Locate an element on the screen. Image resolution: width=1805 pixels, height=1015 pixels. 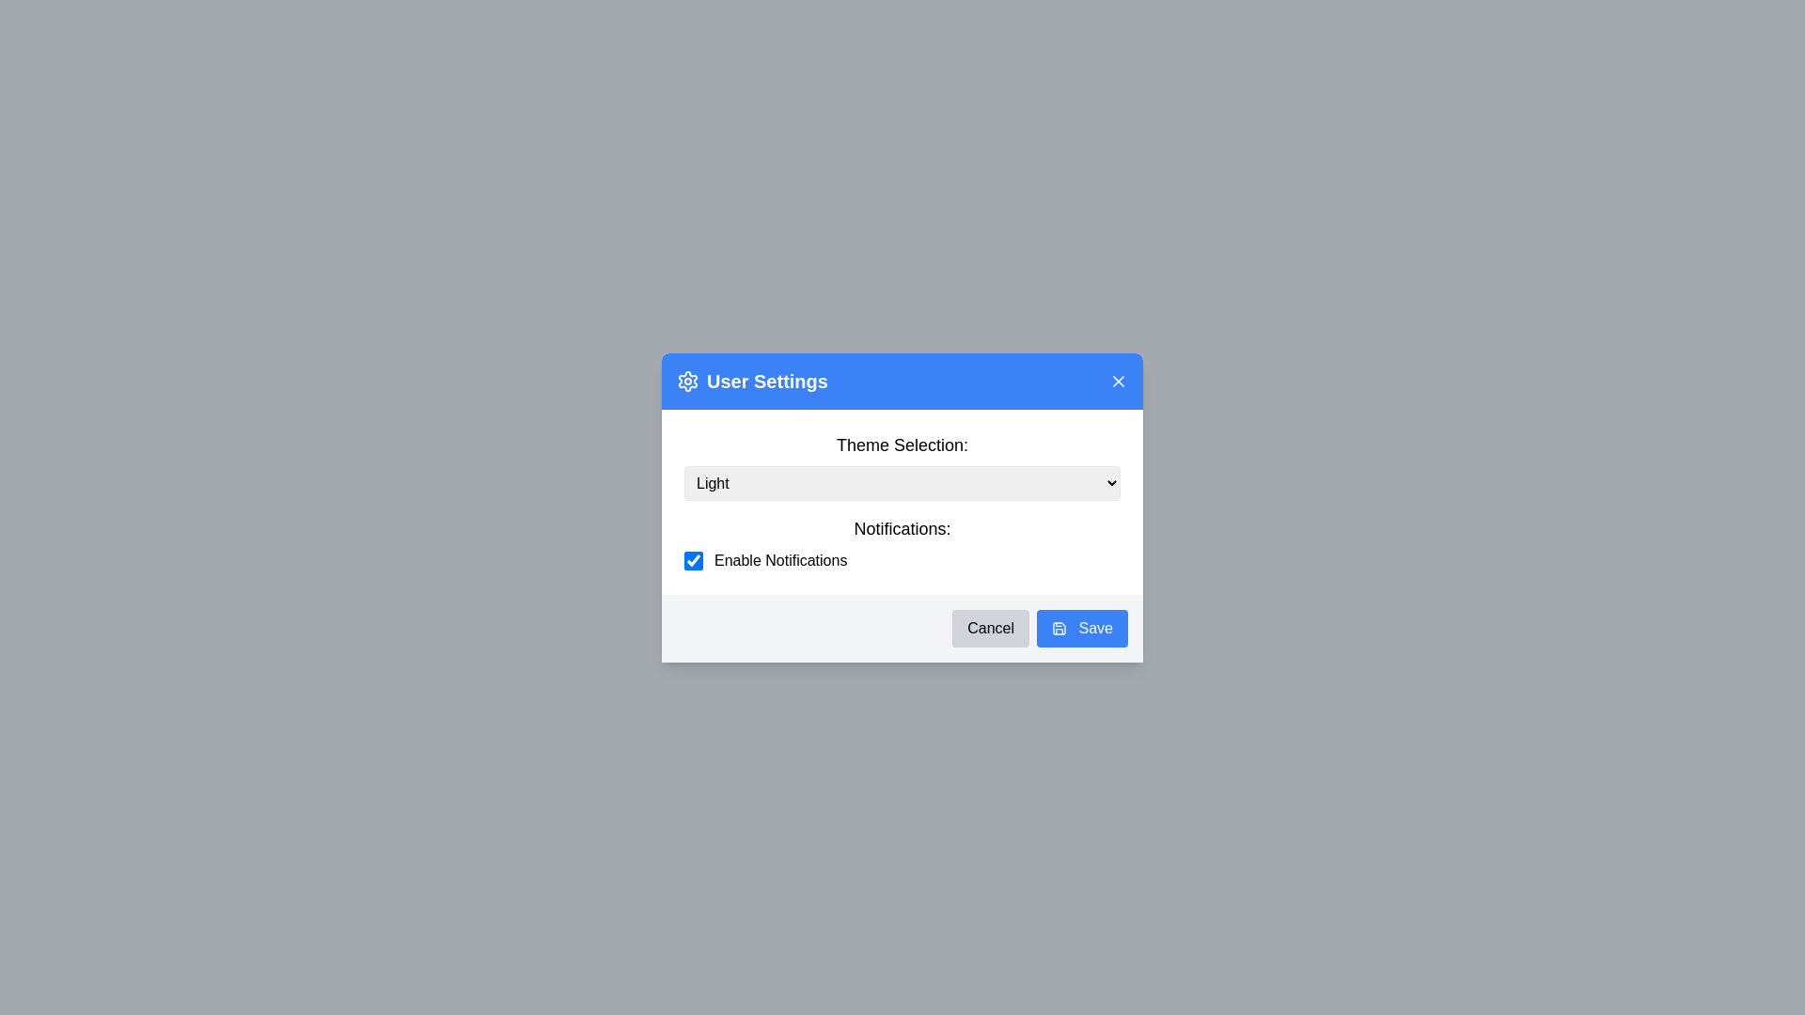
the 'Notifications:' text label, which is a bold and large font element located prominently in the settings section, positioned immediately above the associated checkbox is located at coordinates (902, 528).